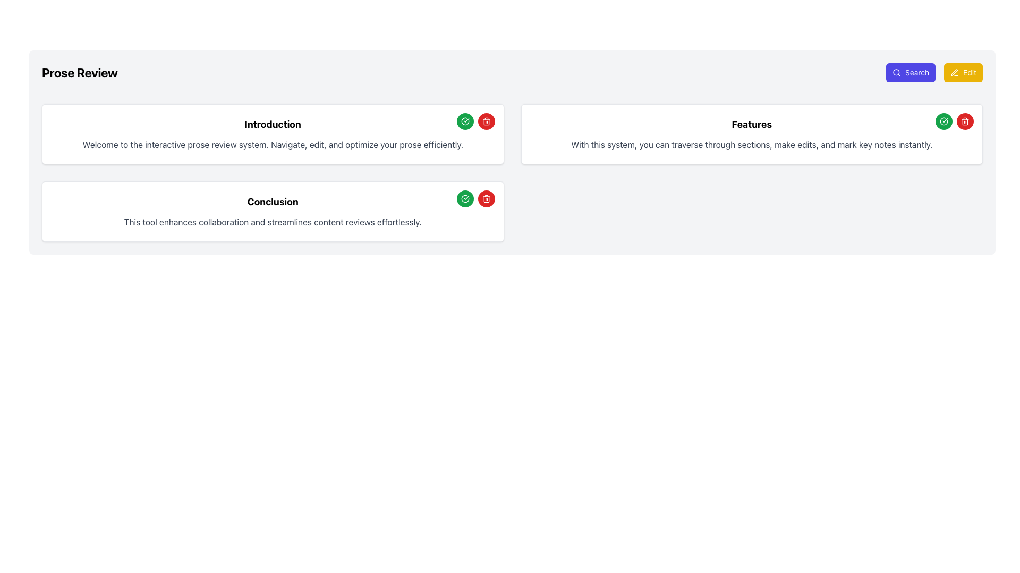  What do you see at coordinates (970, 72) in the screenshot?
I see `the 'Edit' text label located in the top-right corner of the yellow button, which initiates an editing action when clicked` at bounding box center [970, 72].